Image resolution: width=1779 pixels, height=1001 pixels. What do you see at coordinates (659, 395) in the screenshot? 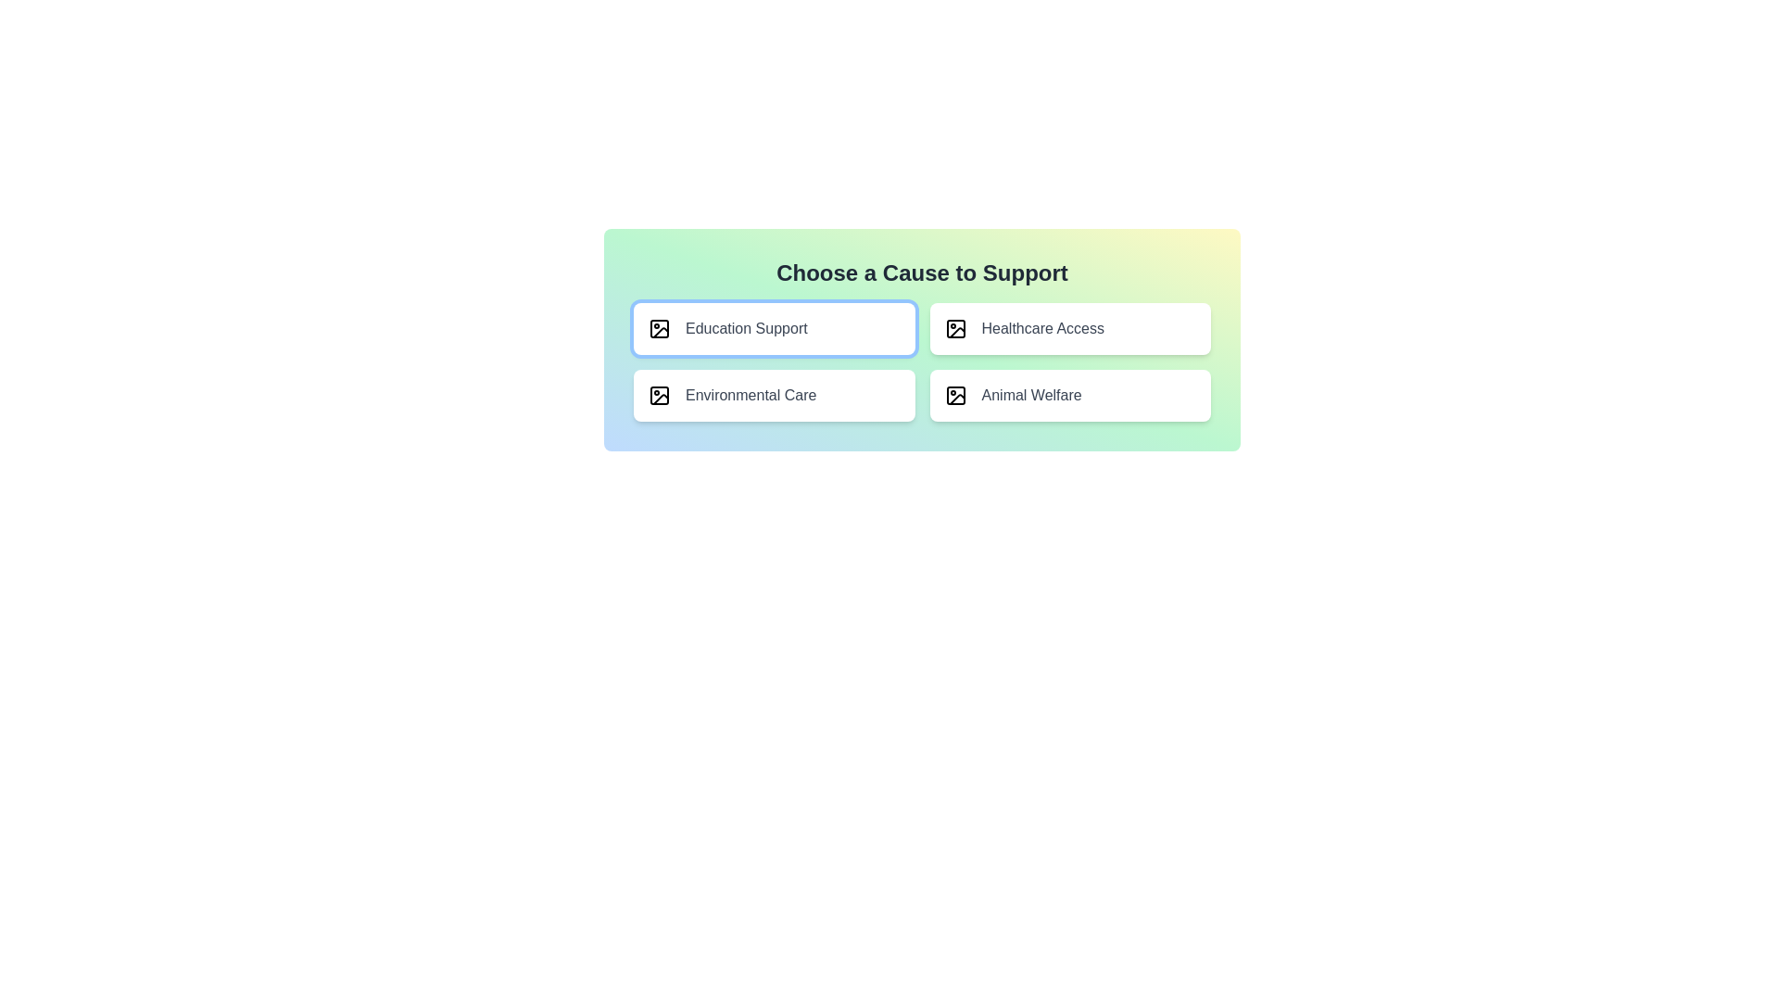
I see `the icon representing 'Environmental Care' in the selection grid, located in the second row, first column of the 'Choose a Cause to Support' card` at bounding box center [659, 395].